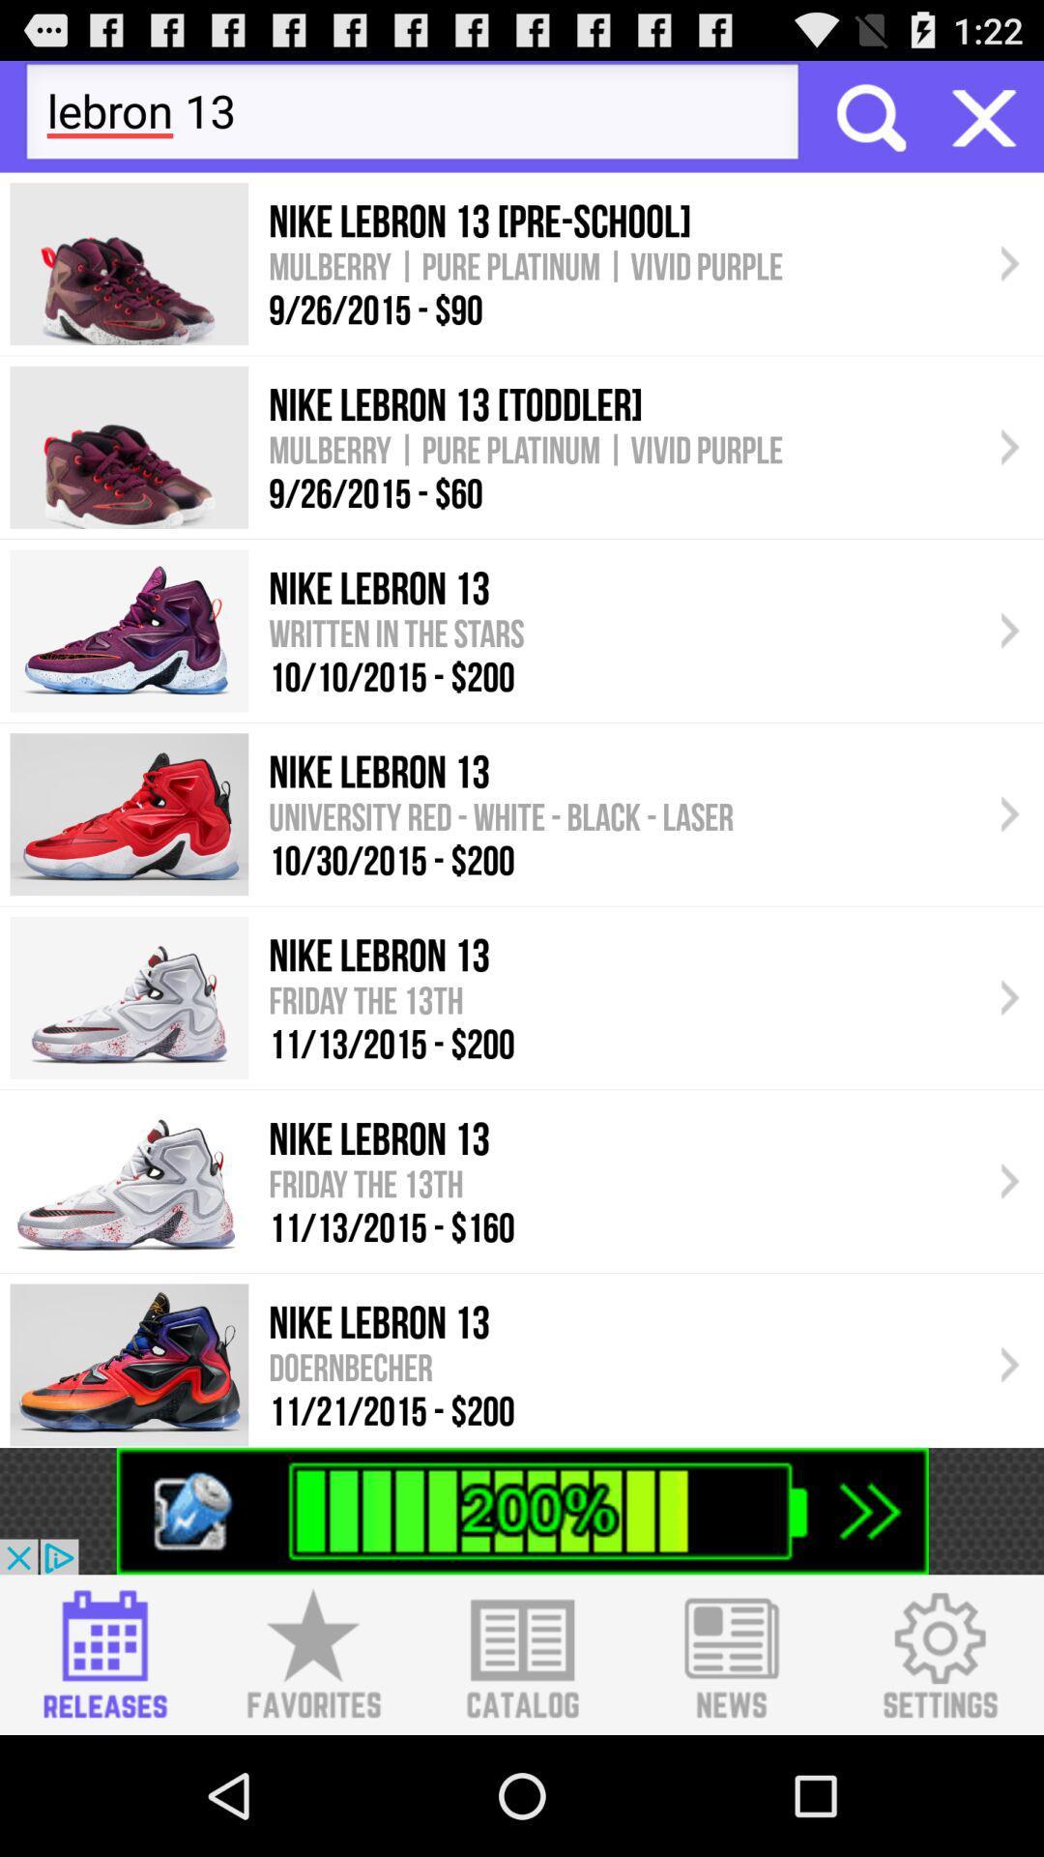 Image resolution: width=1044 pixels, height=1857 pixels. I want to click on close, so click(984, 115).